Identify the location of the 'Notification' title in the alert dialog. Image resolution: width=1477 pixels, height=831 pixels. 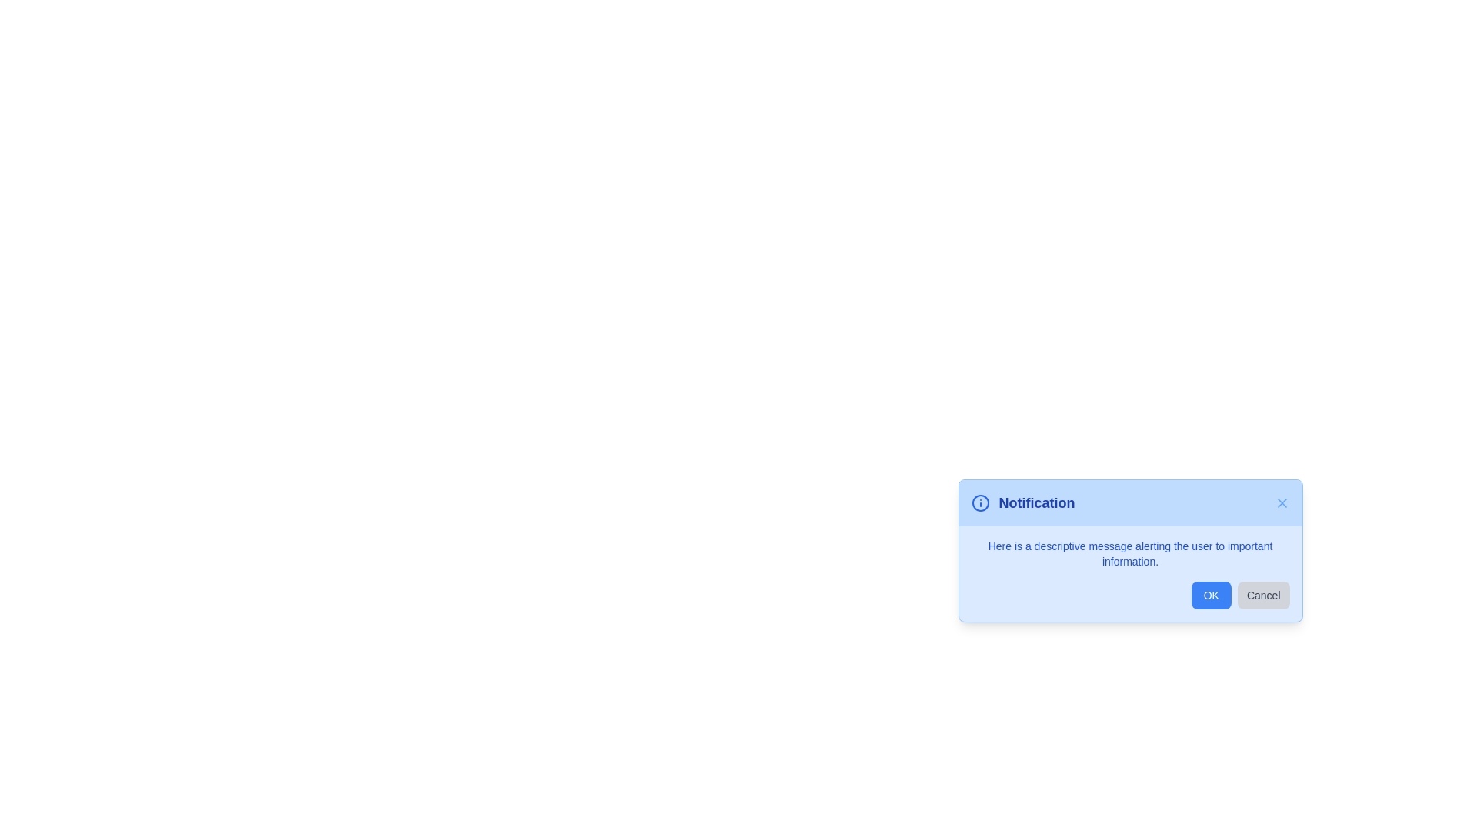
(1037, 503).